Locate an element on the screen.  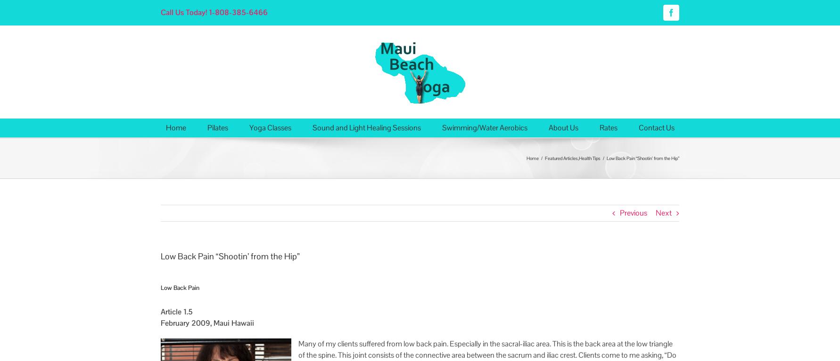
'Beach Yoga – (Toes in the Sand)' is located at coordinates (290, 185).